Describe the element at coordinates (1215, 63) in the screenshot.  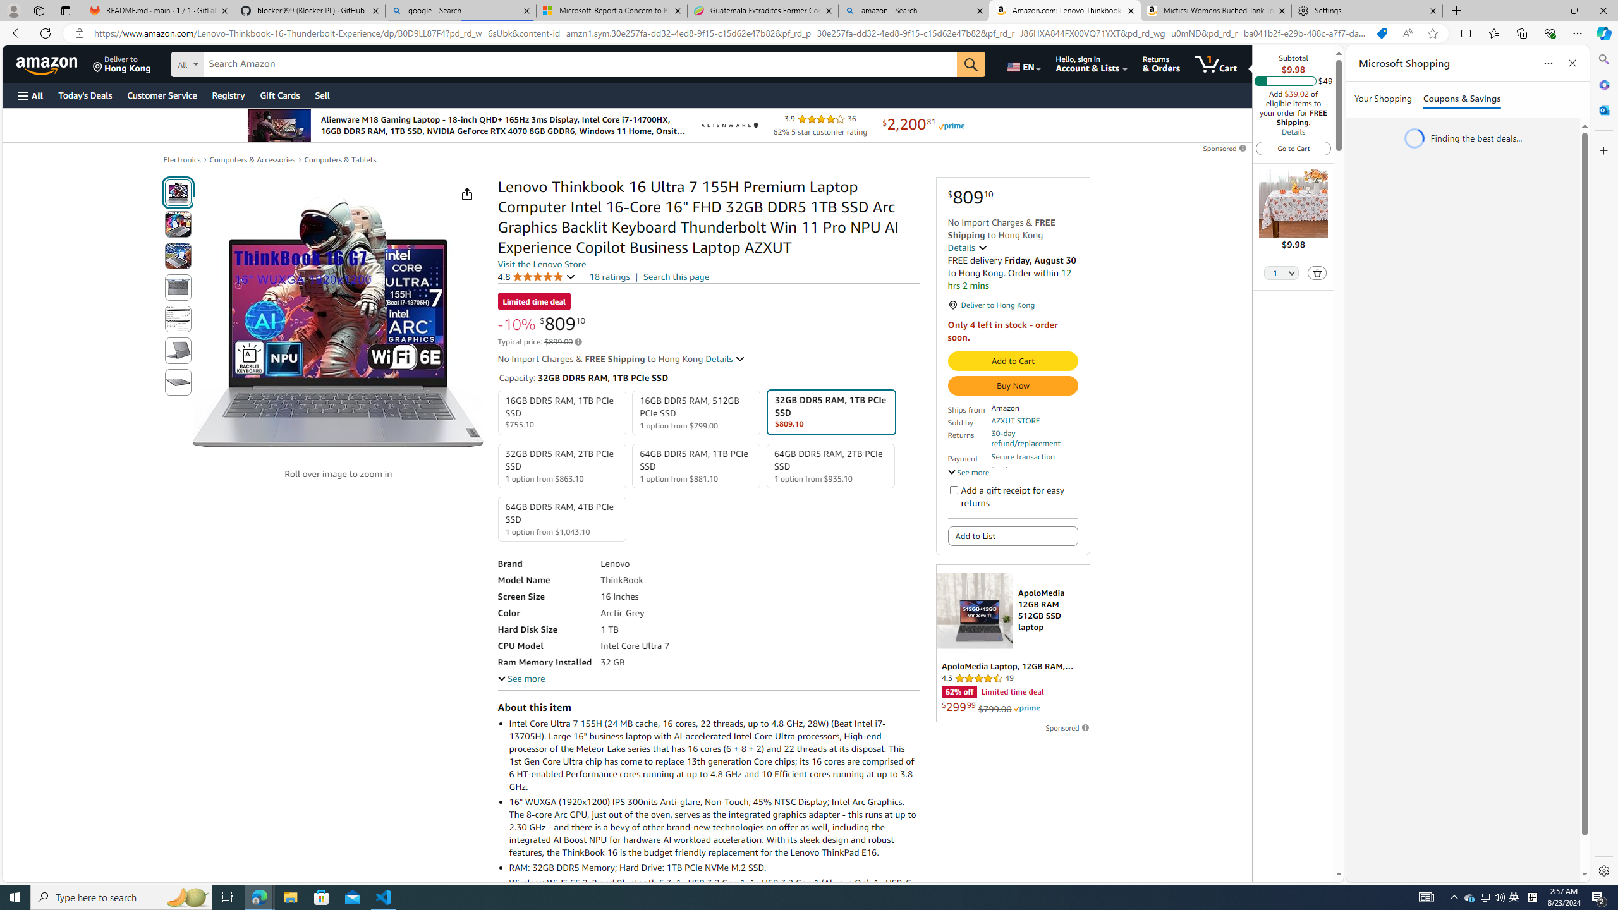
I see `'1 item in cart'` at that location.